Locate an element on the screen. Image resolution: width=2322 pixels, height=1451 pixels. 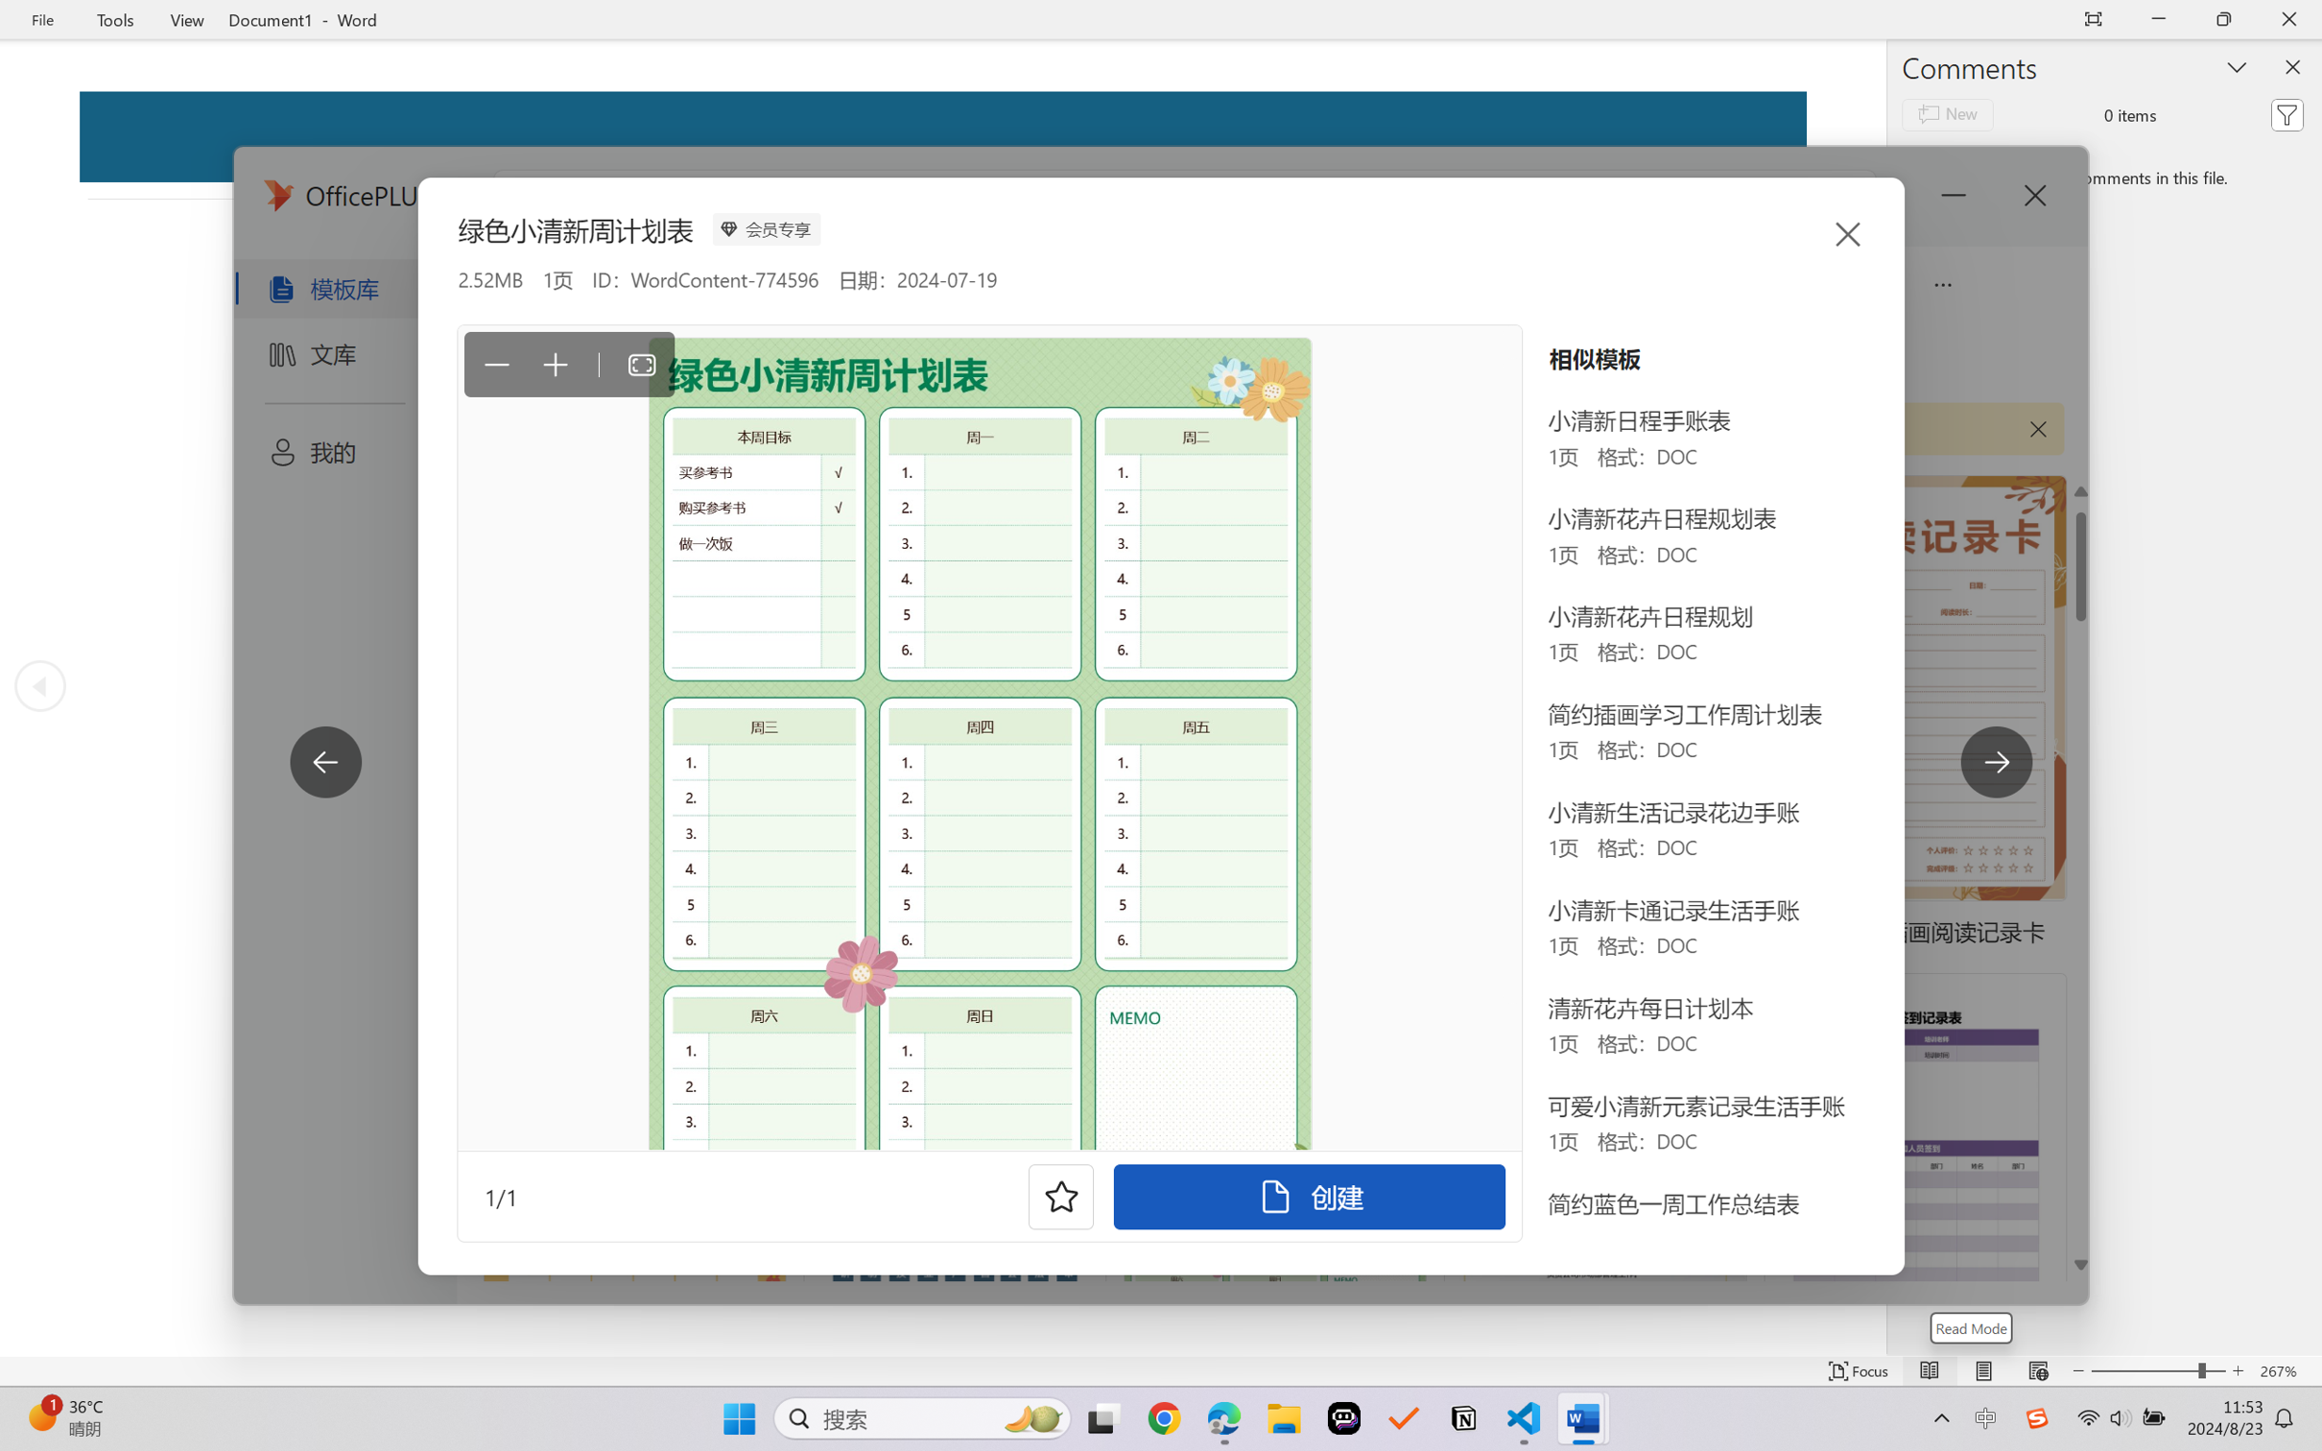
'New comment' is located at coordinates (1947, 115).